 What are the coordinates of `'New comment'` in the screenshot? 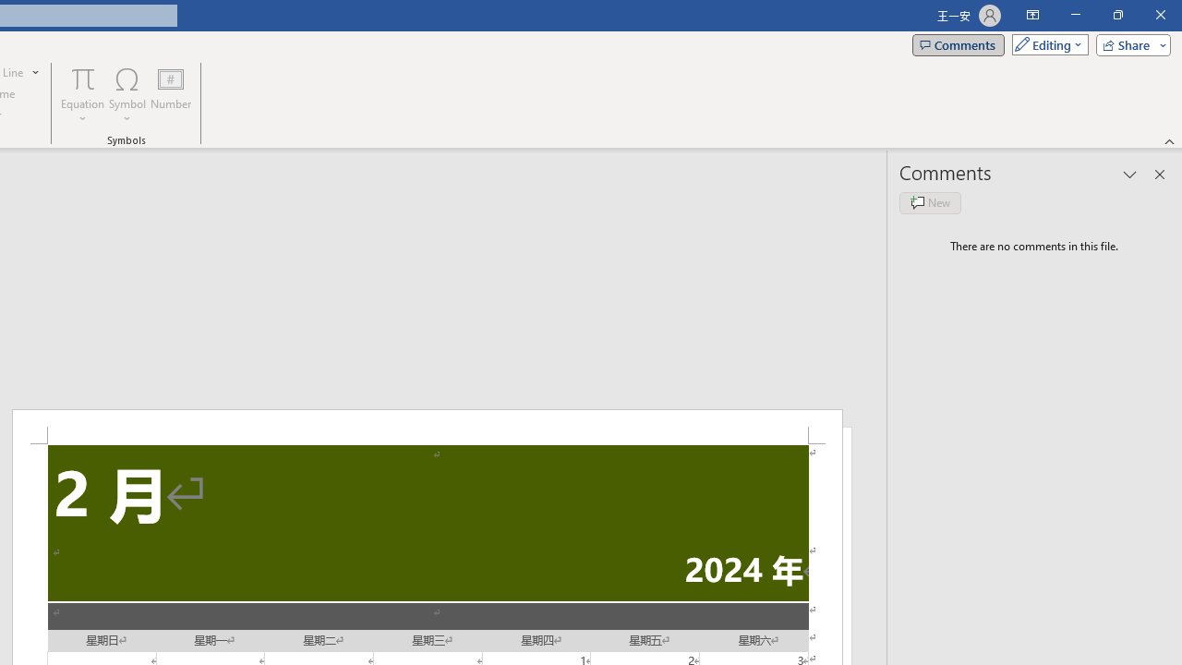 It's located at (930, 202).